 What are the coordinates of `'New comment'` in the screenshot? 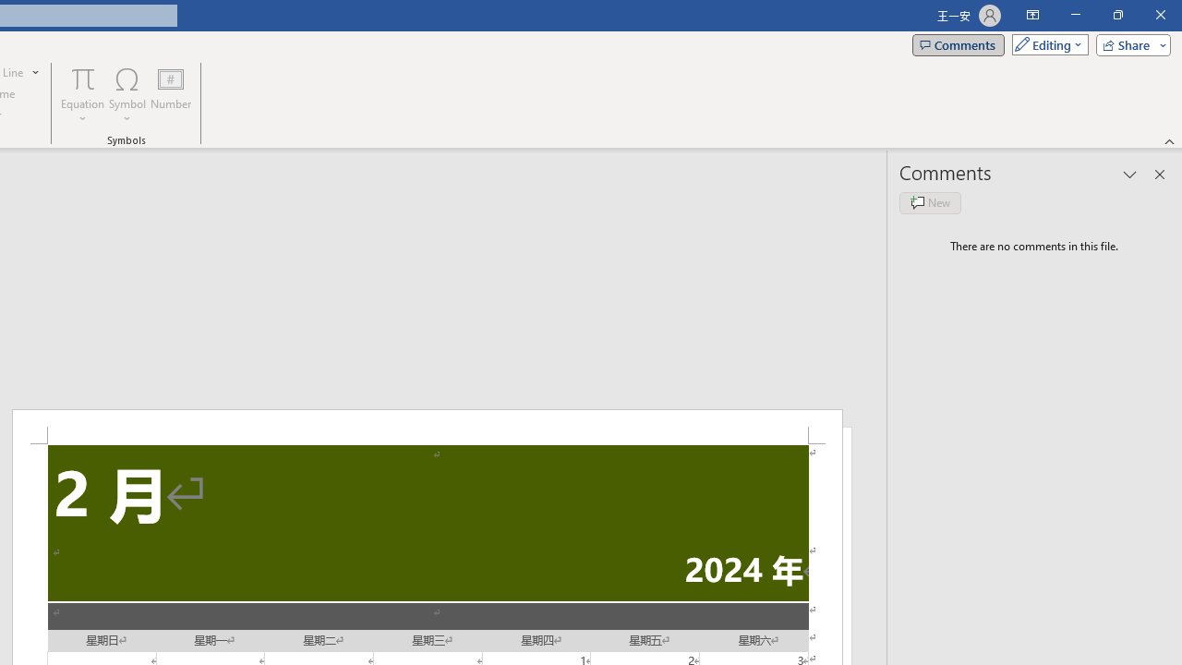 It's located at (930, 202).